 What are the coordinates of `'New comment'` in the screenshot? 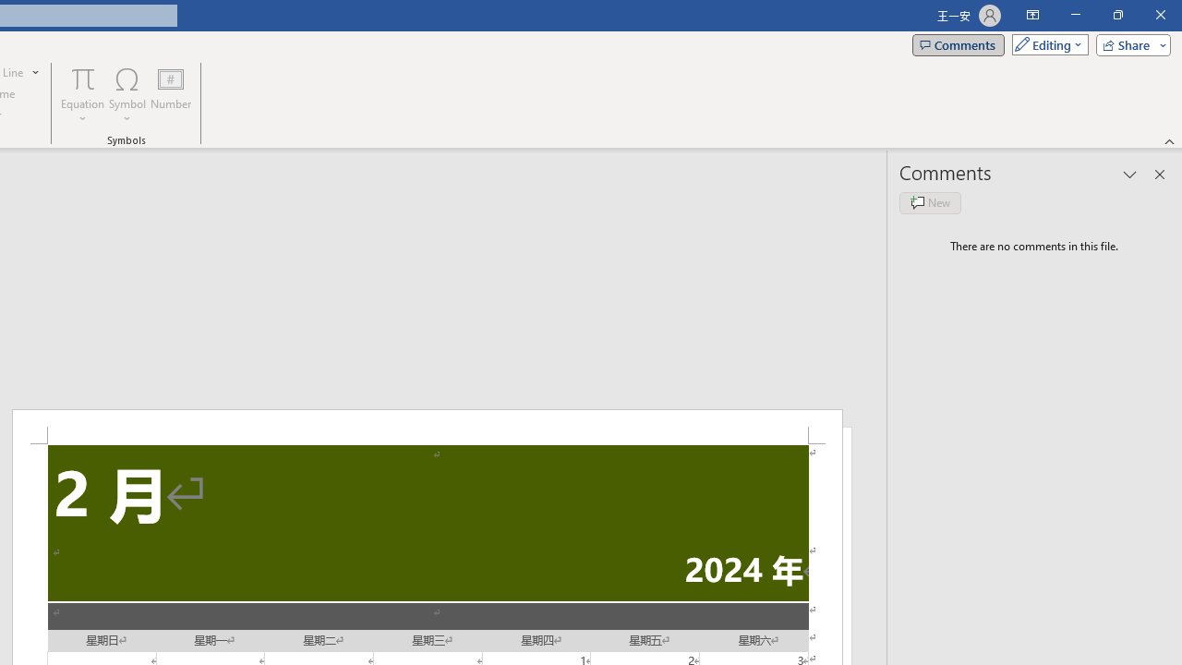 It's located at (930, 202).